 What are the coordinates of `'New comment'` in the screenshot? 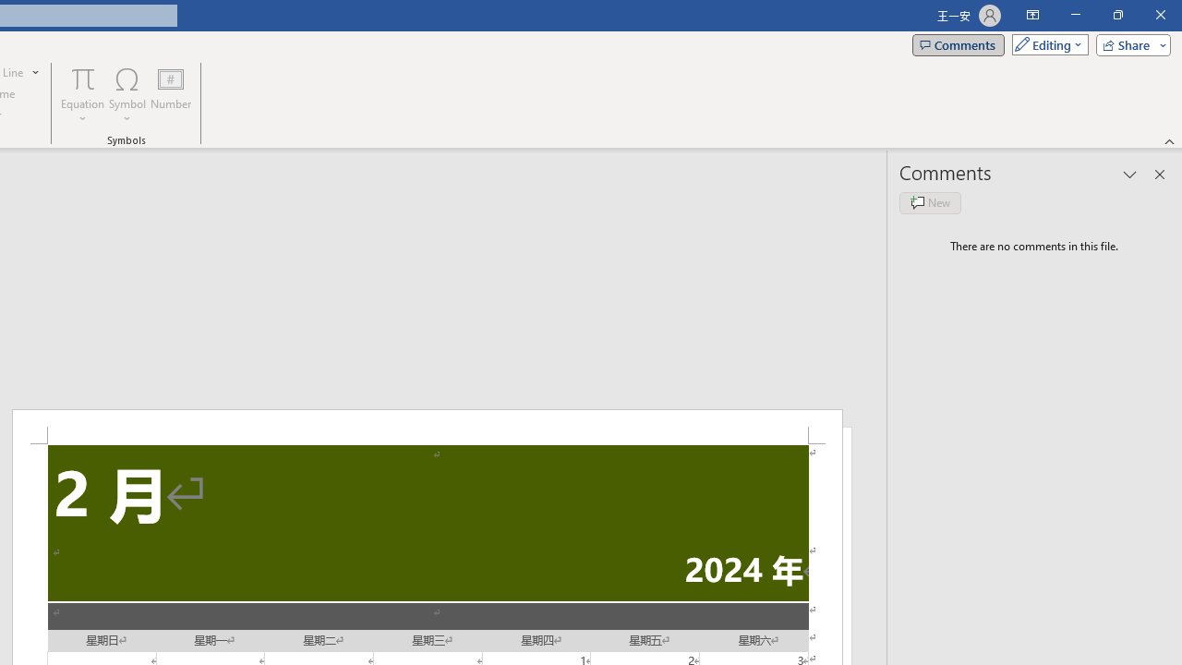 It's located at (930, 202).